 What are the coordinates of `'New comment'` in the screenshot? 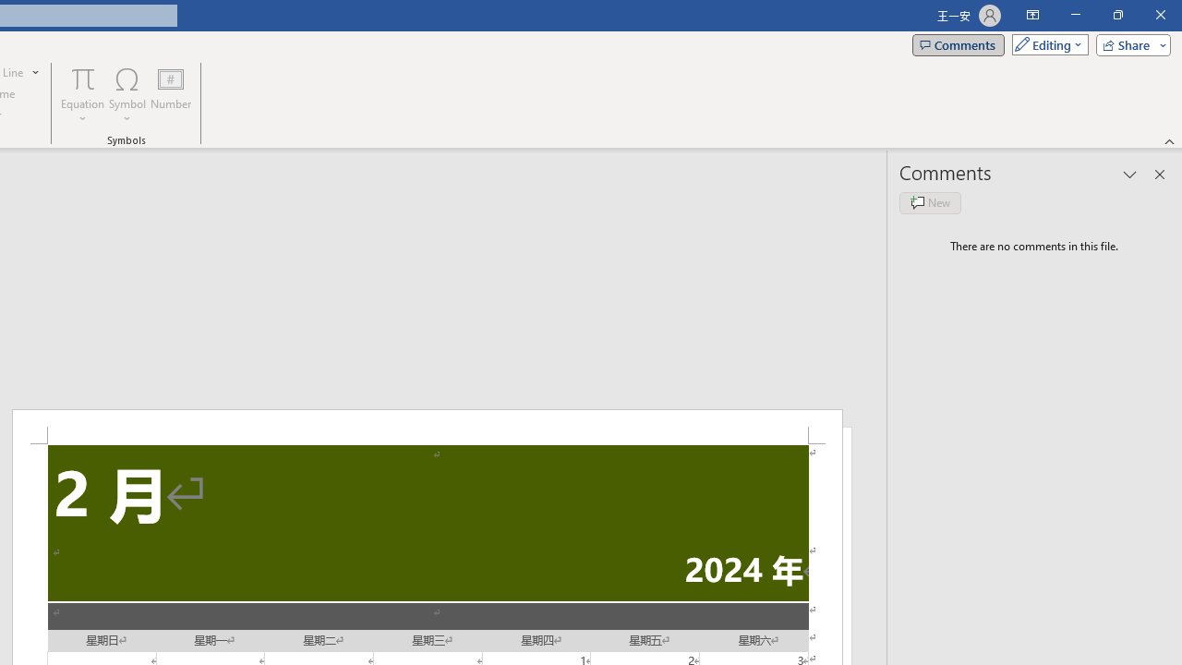 It's located at (930, 202).